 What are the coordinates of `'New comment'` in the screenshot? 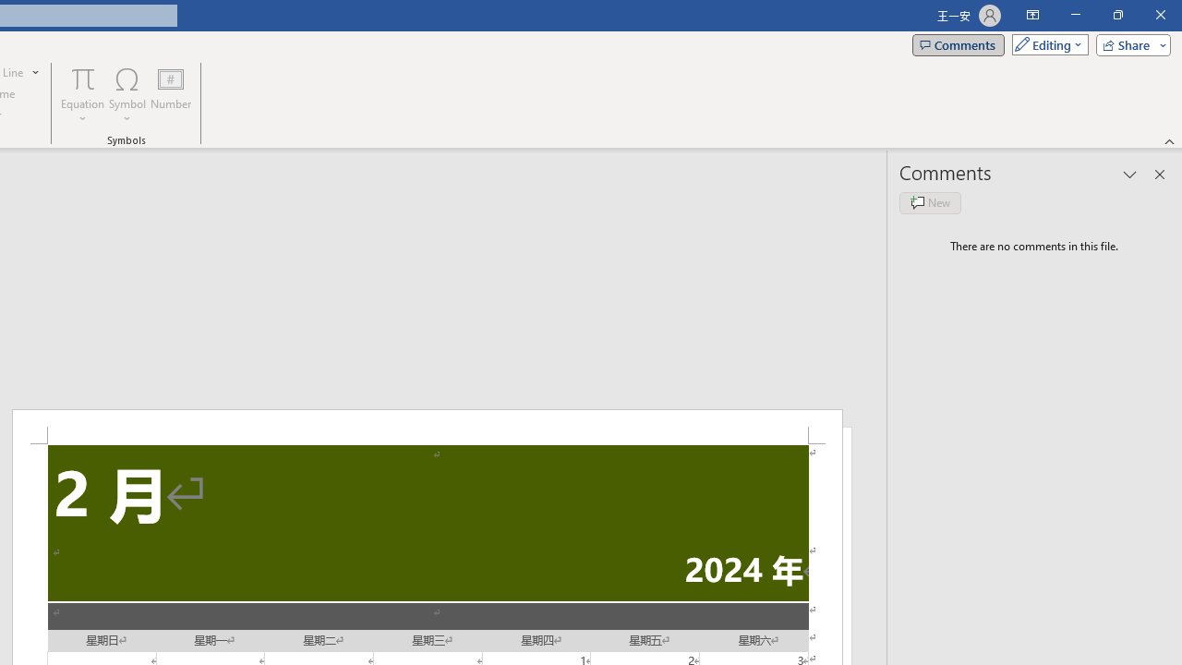 It's located at (930, 202).